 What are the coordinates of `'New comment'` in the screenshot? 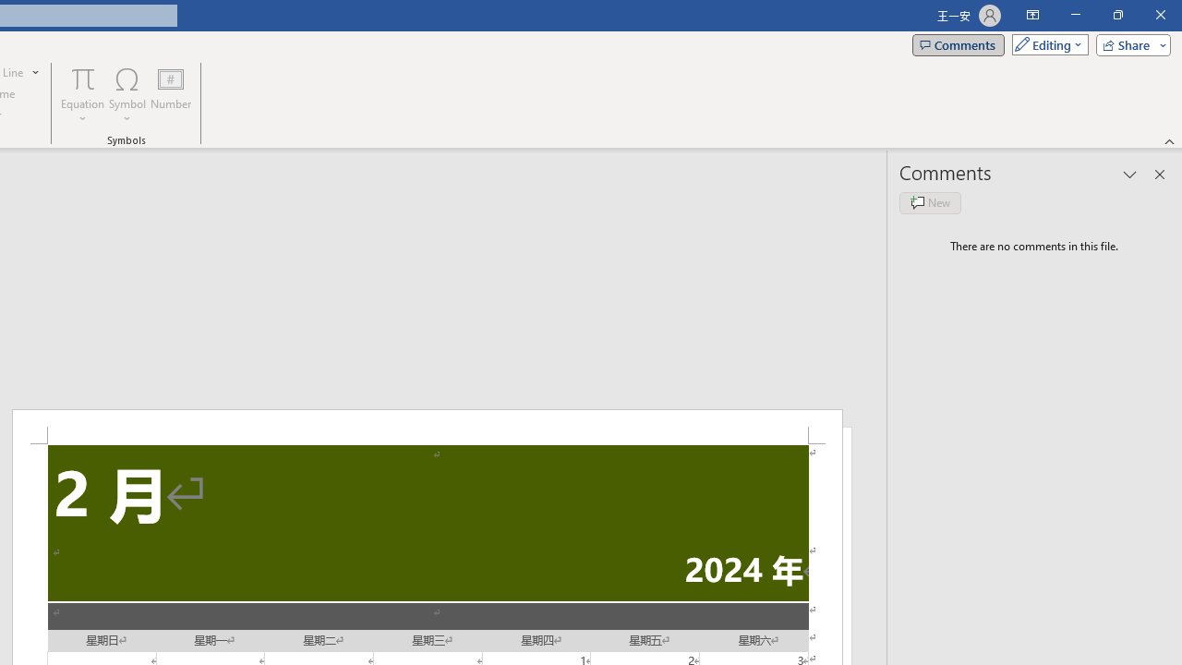 It's located at (930, 202).